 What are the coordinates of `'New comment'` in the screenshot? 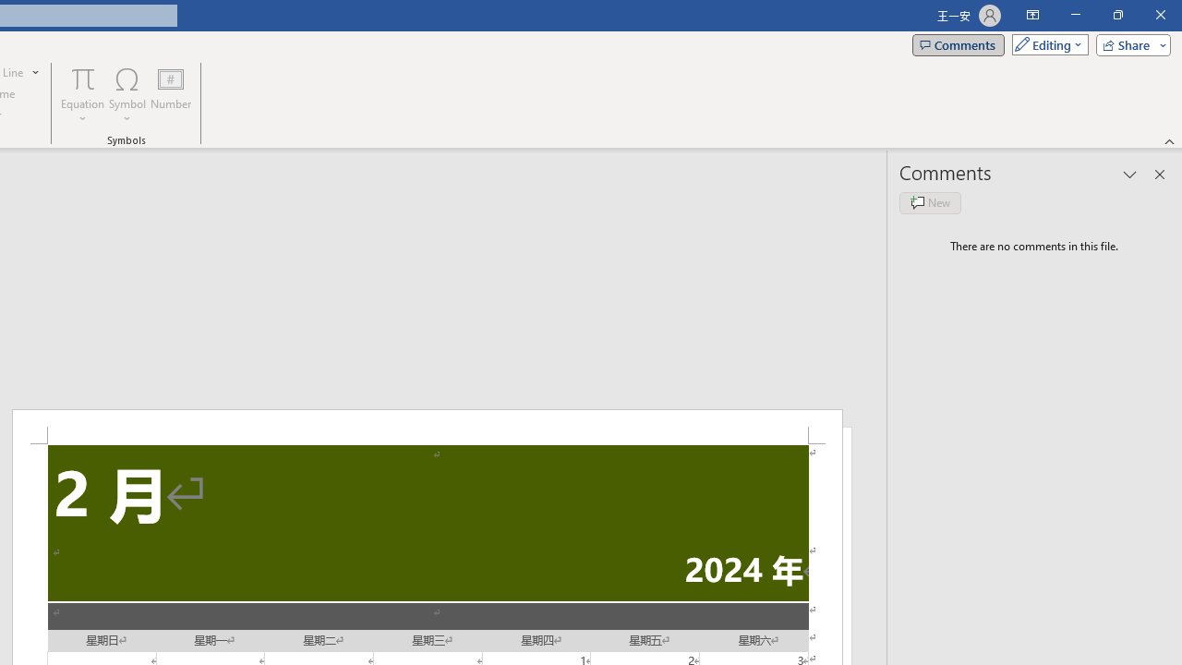 It's located at (930, 202).